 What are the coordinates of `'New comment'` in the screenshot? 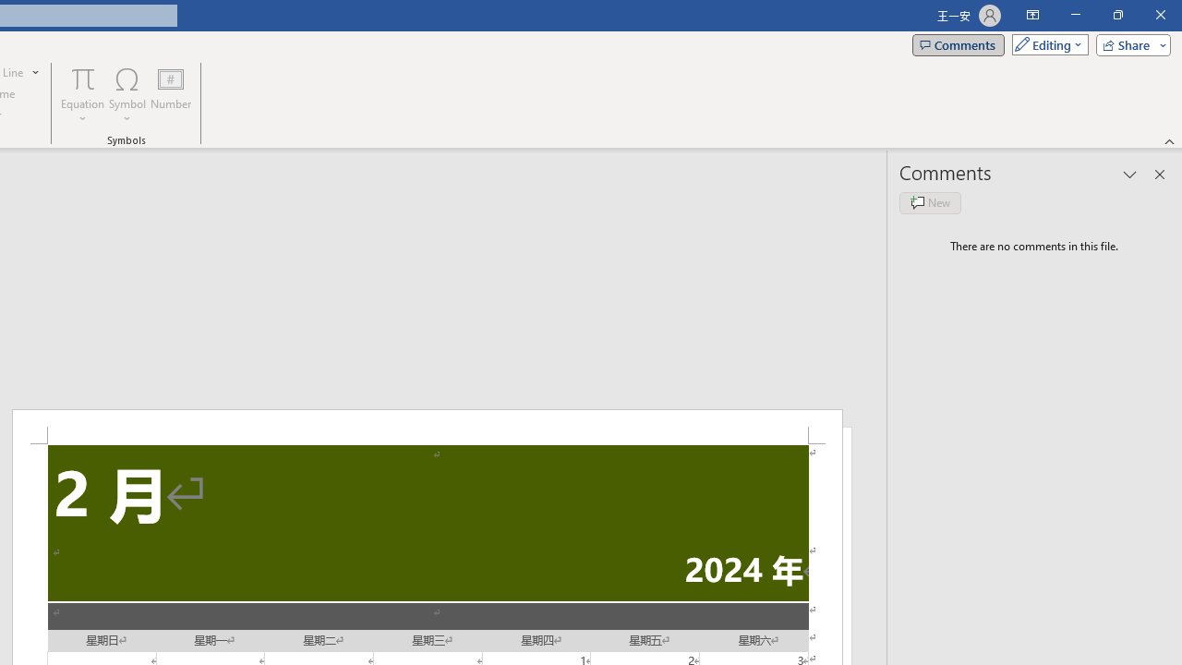 It's located at (930, 202).